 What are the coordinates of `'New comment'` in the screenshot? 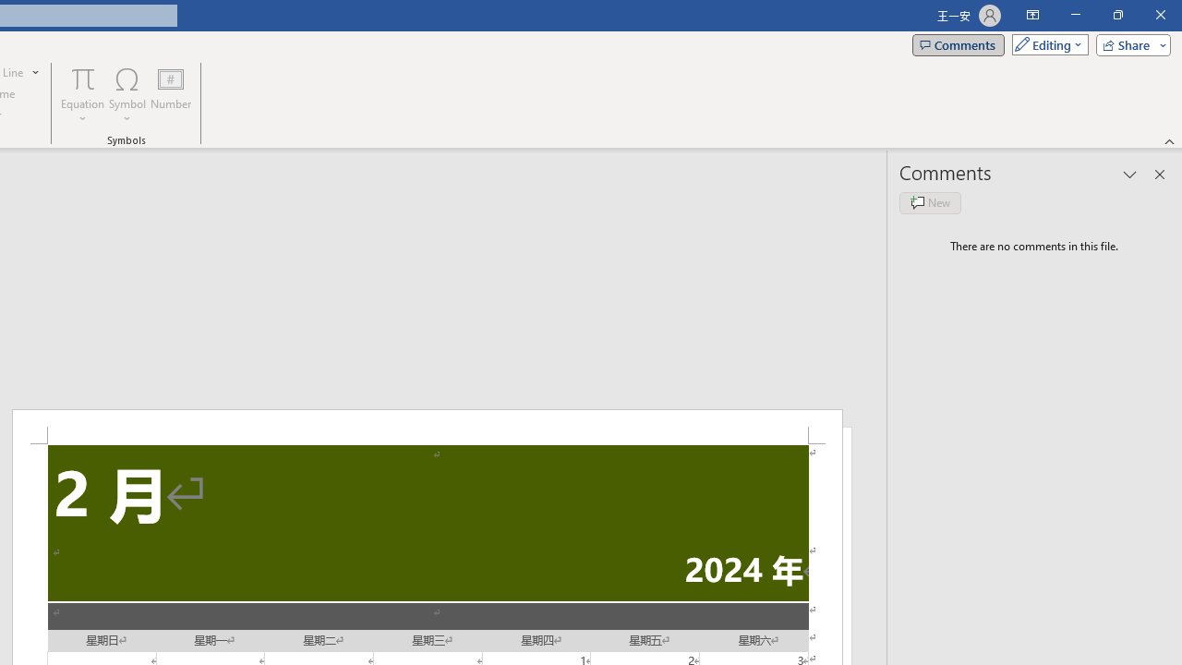 It's located at (930, 202).